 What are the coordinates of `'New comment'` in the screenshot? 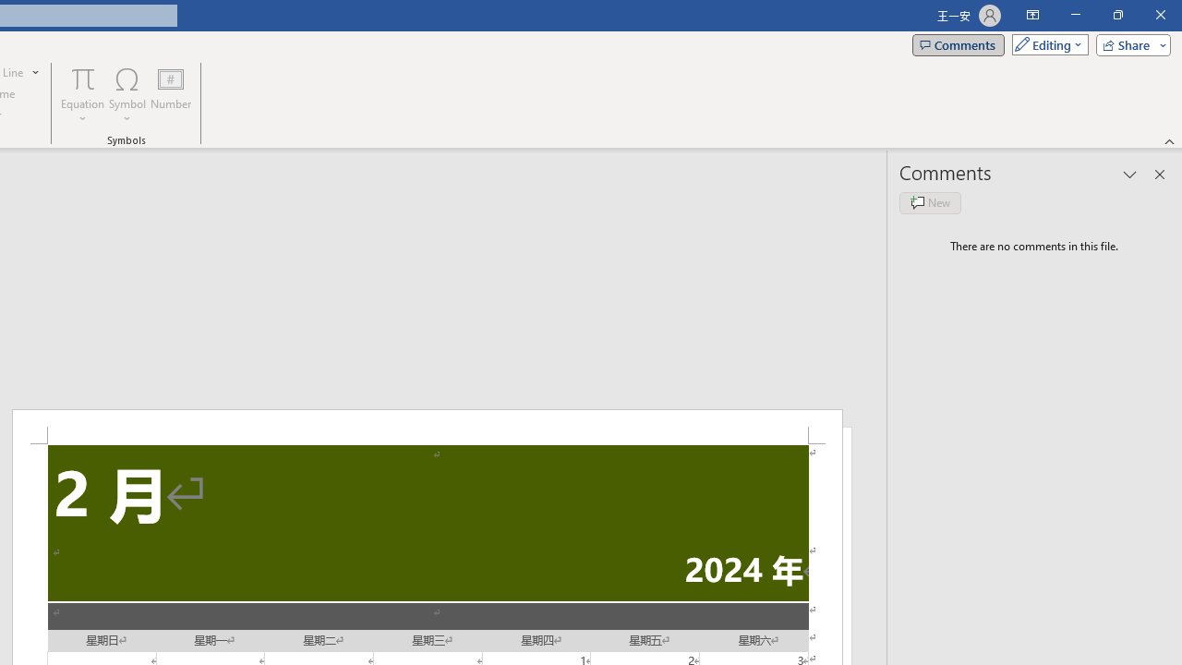 It's located at (930, 202).